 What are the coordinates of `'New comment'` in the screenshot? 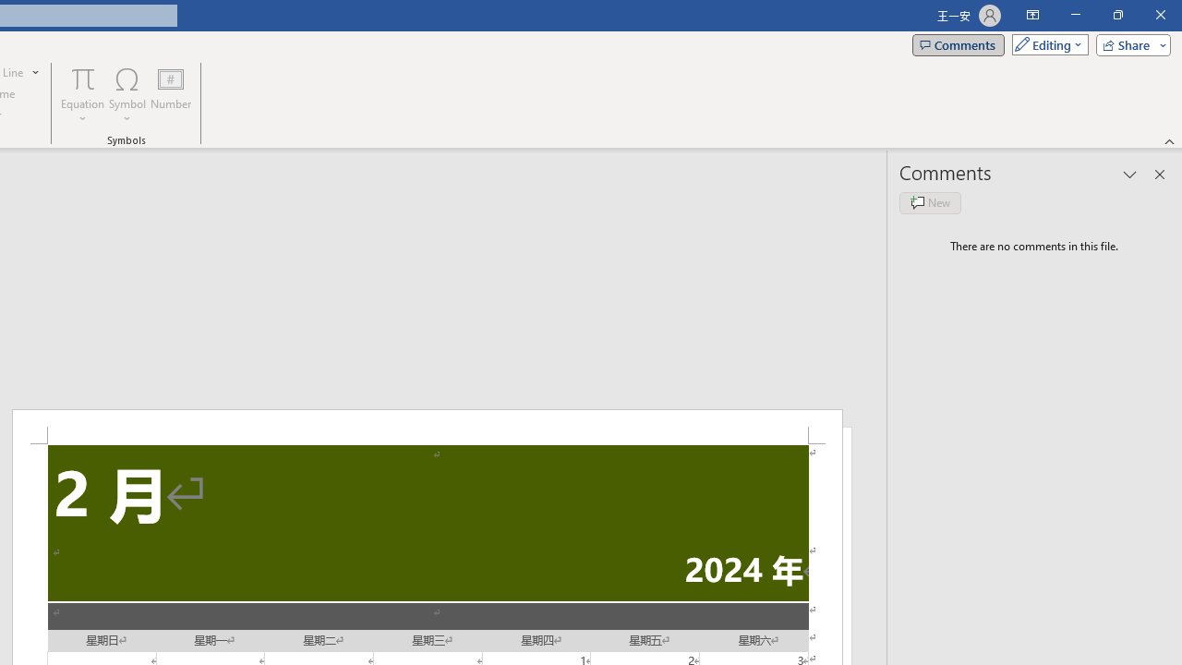 It's located at (930, 202).